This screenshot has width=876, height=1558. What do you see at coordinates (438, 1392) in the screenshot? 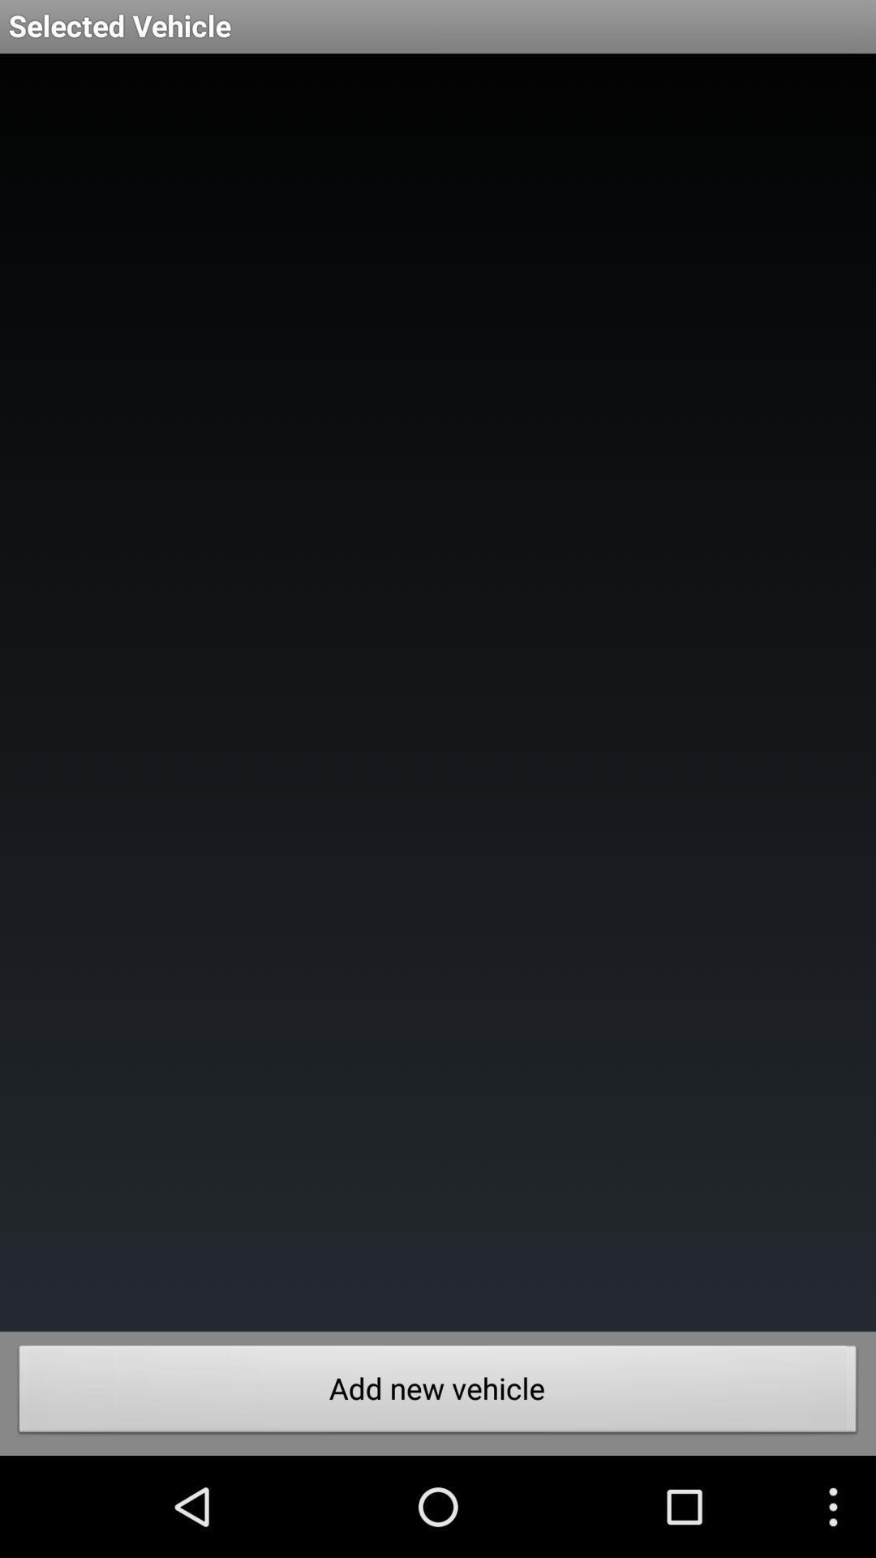
I see `the add new vehicle item` at bounding box center [438, 1392].